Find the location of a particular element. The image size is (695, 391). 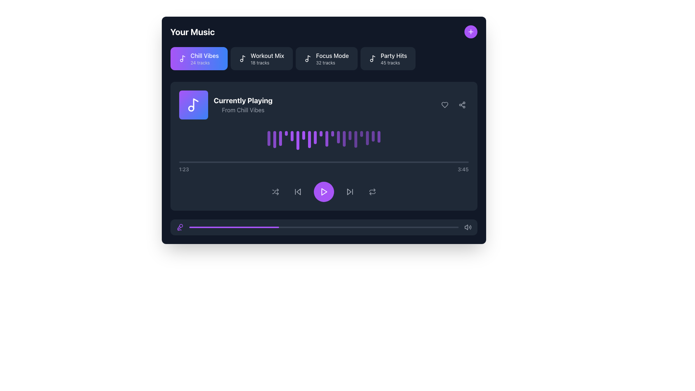

the descriptive text label located under the 'Currently Playing' title in the playback section of the application interface is located at coordinates (243, 110).